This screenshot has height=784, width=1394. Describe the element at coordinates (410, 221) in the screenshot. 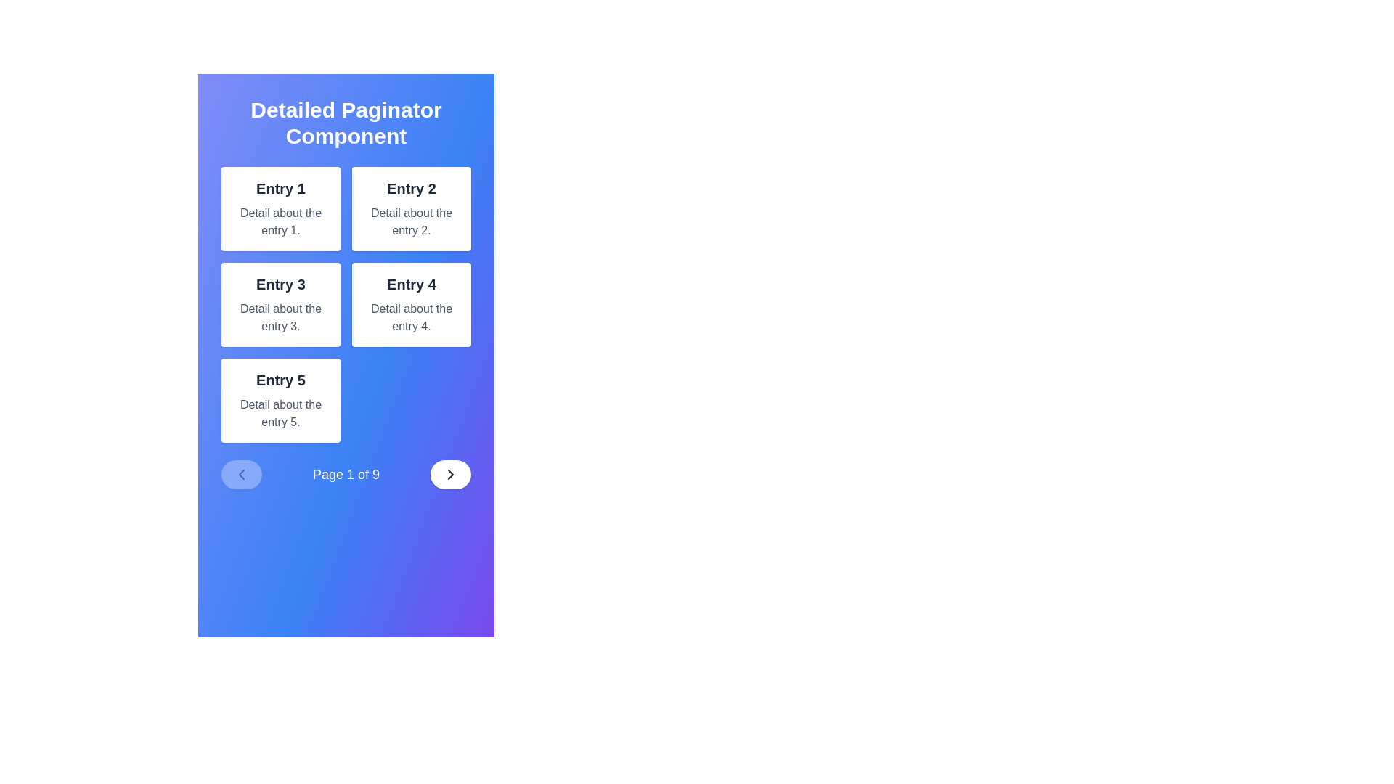

I see `the text label providing additional information associated with the card labeled 'Entry 2', located below the title within the second card of a grid layout` at that location.